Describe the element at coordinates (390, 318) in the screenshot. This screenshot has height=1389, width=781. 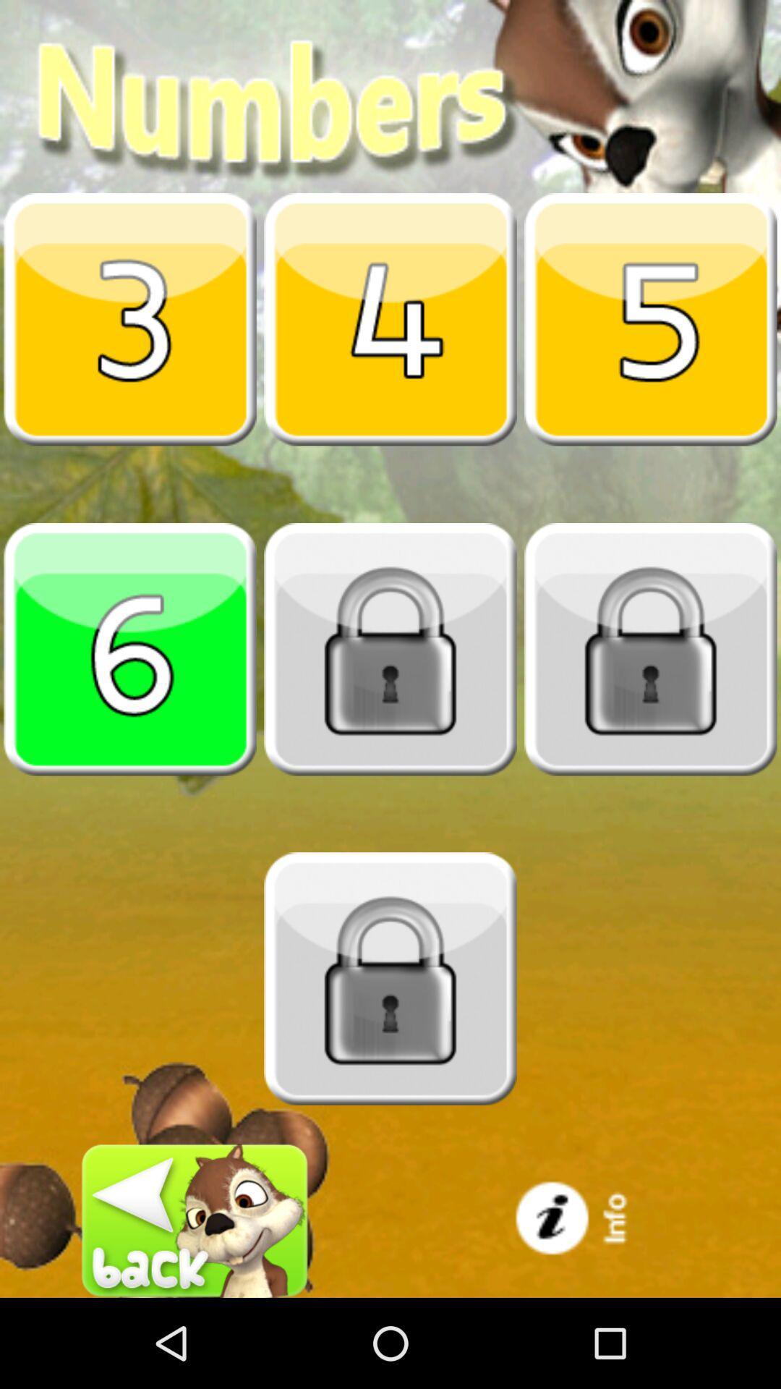
I see `number 4` at that location.